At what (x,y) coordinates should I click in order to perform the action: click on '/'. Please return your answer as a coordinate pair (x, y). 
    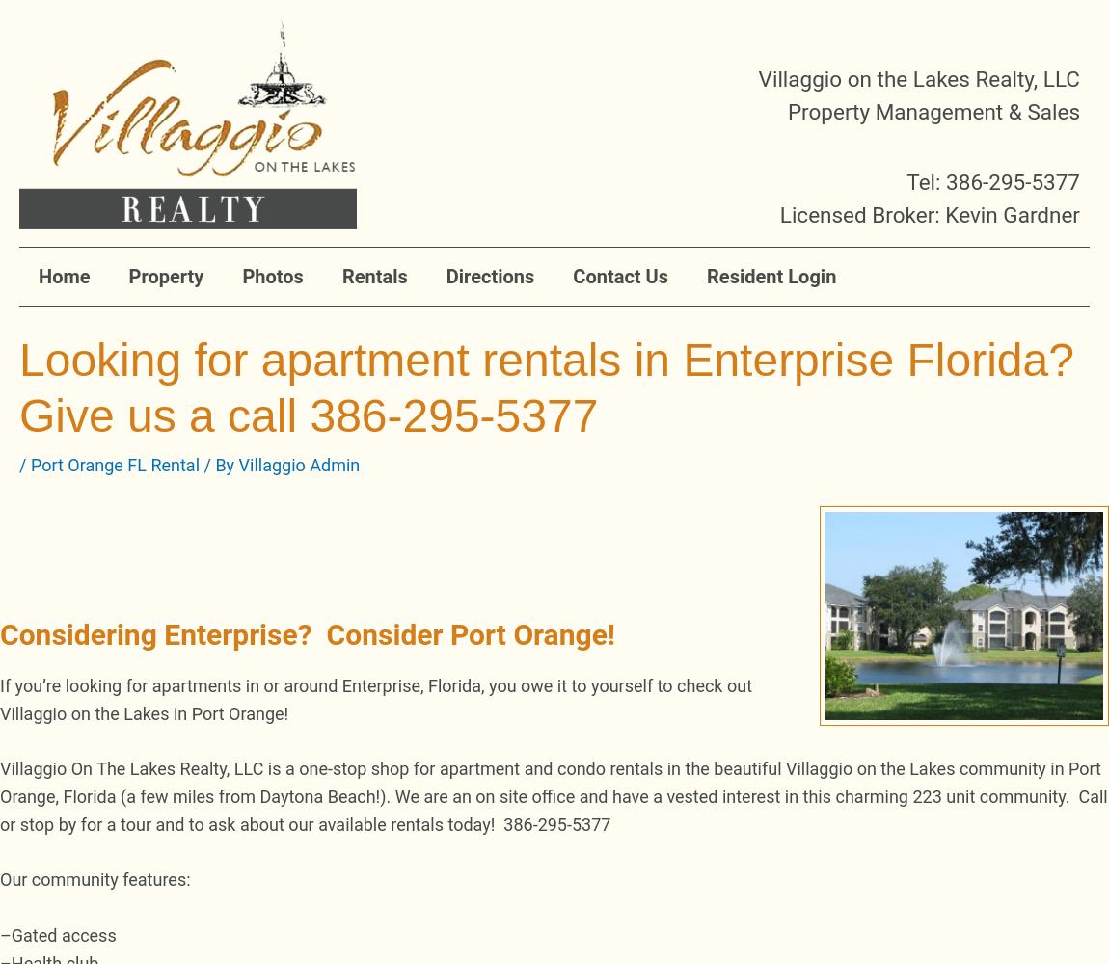
    Looking at the image, I should click on (23, 464).